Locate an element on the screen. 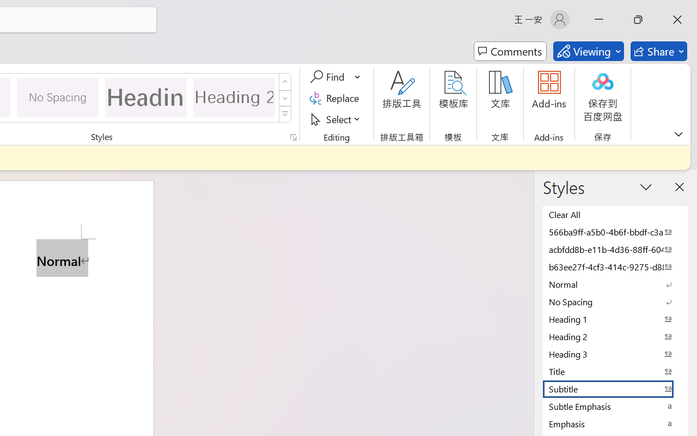 The image size is (697, 436). 'Replace...' is located at coordinates (335, 98).